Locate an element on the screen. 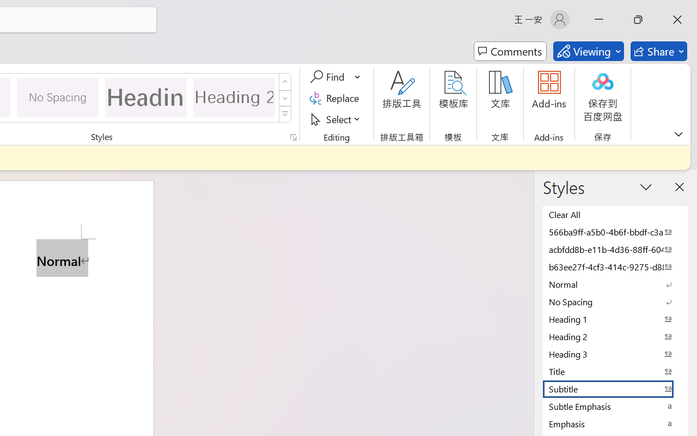 The image size is (697, 436). 'Replace...' is located at coordinates (335, 98).